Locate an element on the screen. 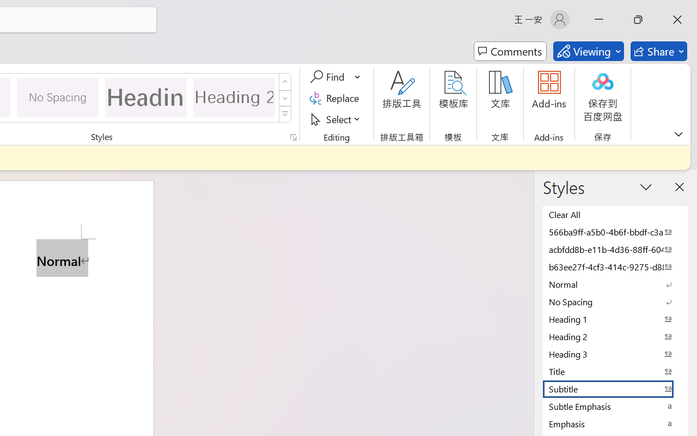 The image size is (697, 436). 'Replace...' is located at coordinates (335, 98).